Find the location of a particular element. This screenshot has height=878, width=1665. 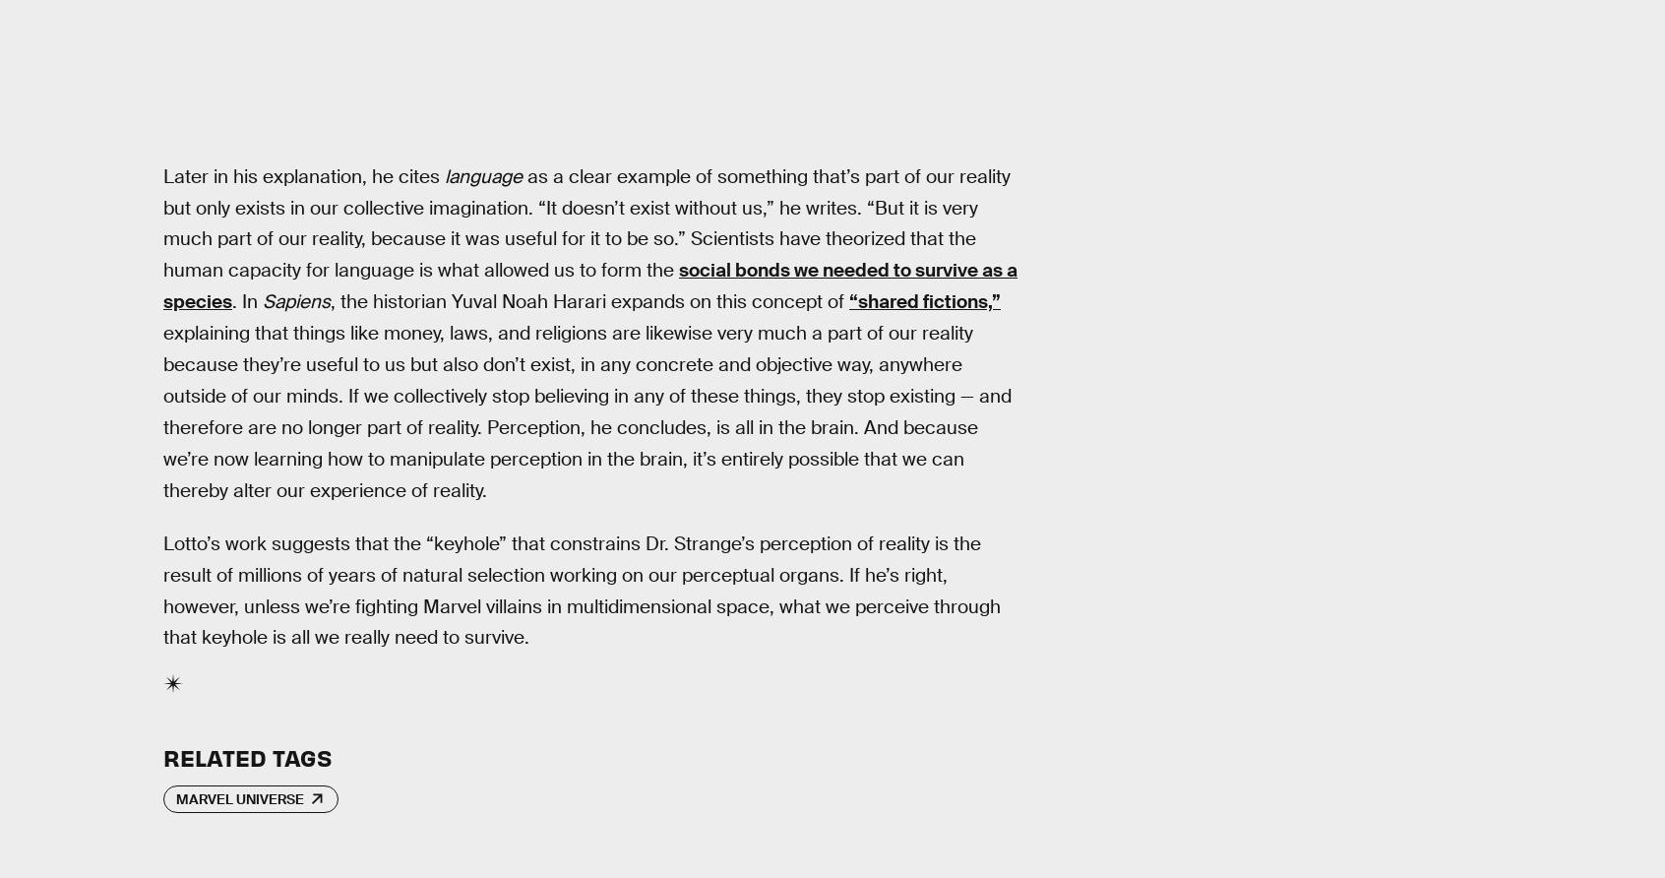

'“shared fictions,”' is located at coordinates (925, 301).